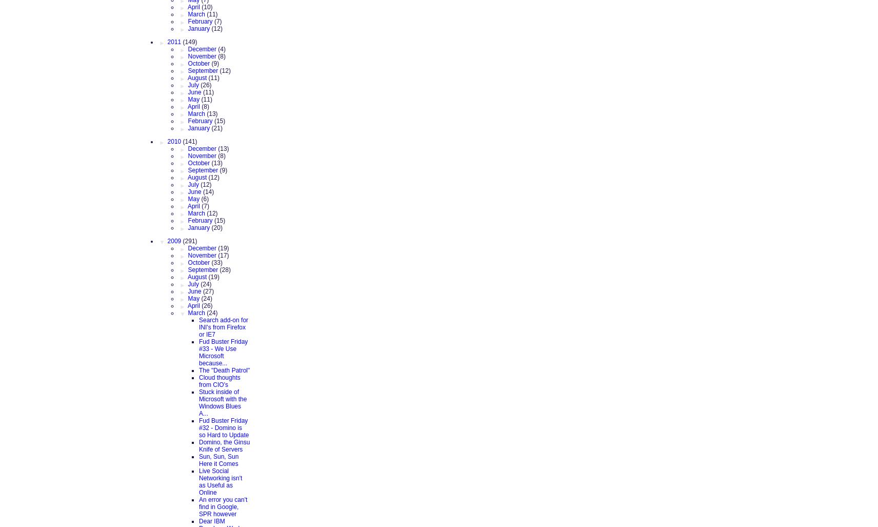 The width and height of the screenshot is (878, 527). Describe the element at coordinates (198, 459) in the screenshot. I see `'Sun, Sun, Sun Here it Comes'` at that location.